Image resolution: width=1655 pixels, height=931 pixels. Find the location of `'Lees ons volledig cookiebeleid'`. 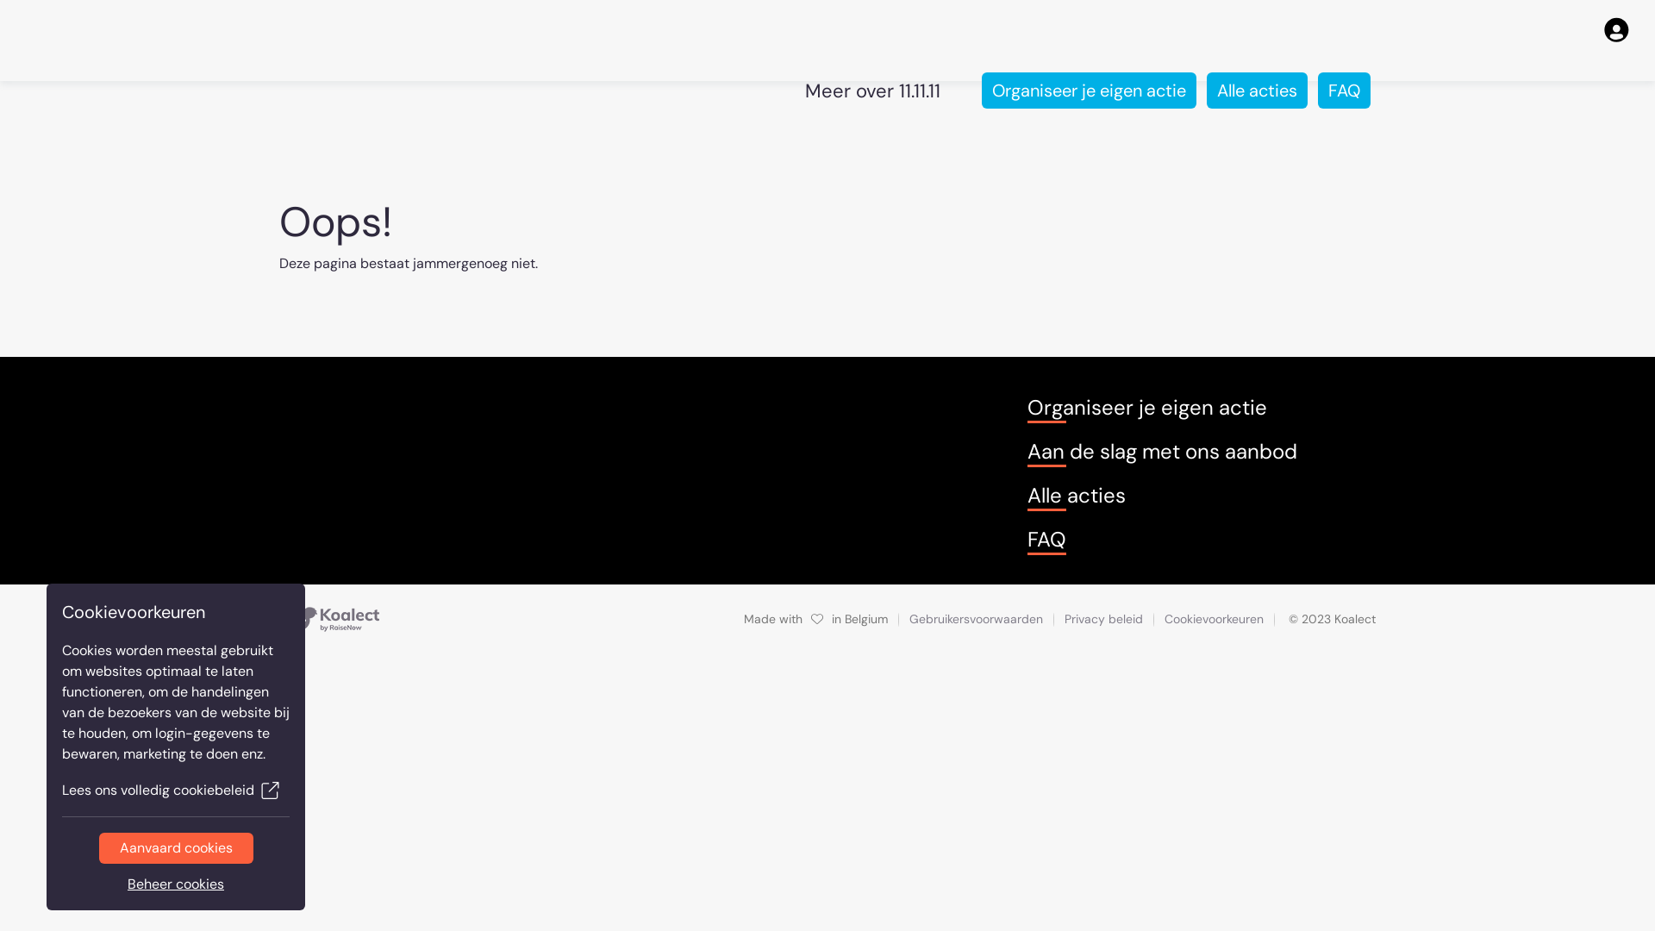

'Lees ons volledig cookiebeleid' is located at coordinates (175, 790).